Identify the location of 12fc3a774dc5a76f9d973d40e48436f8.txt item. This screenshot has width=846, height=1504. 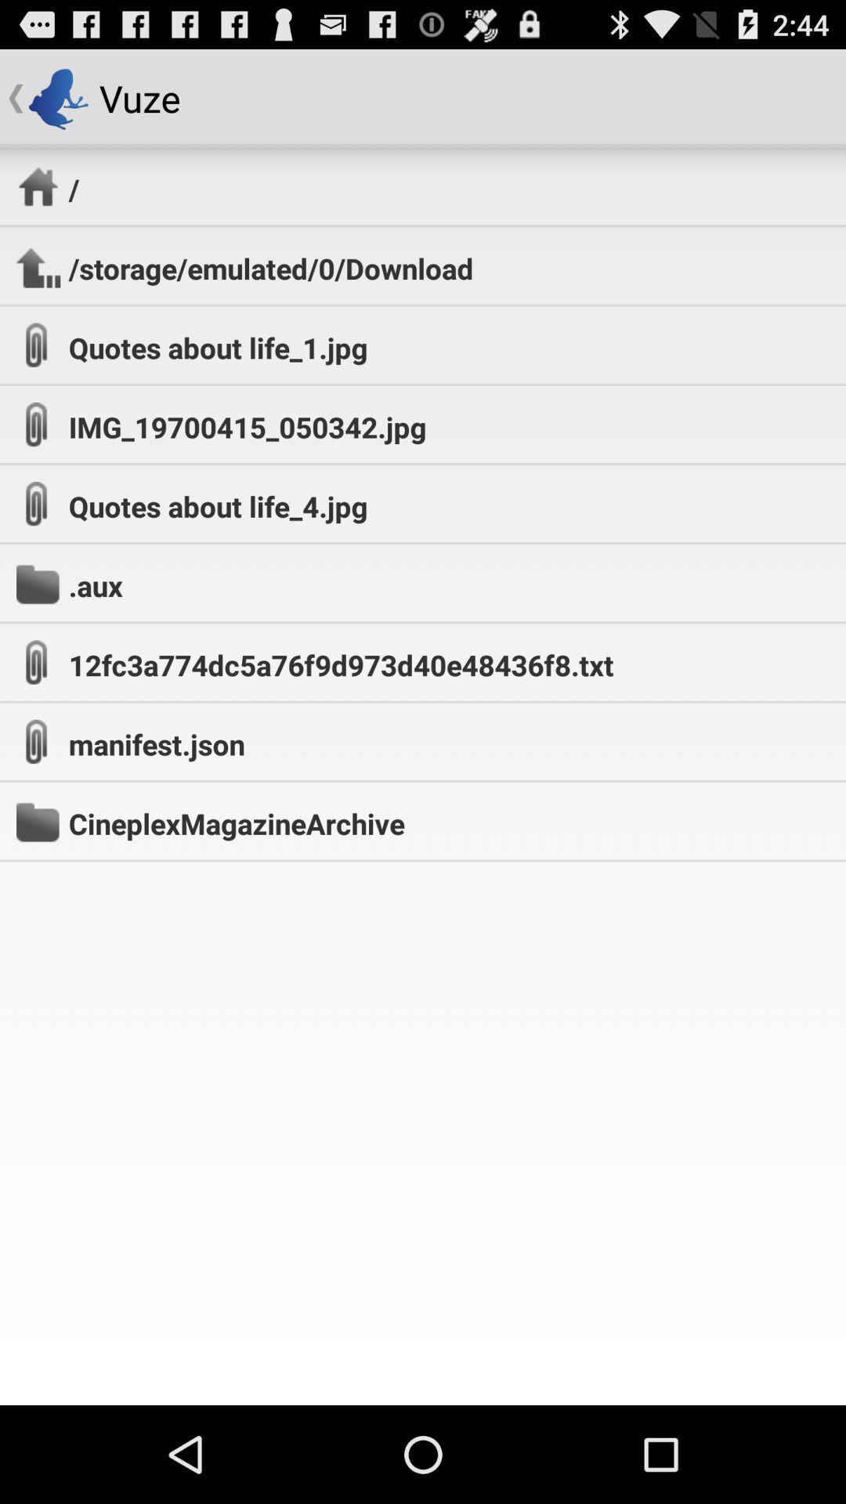
(340, 665).